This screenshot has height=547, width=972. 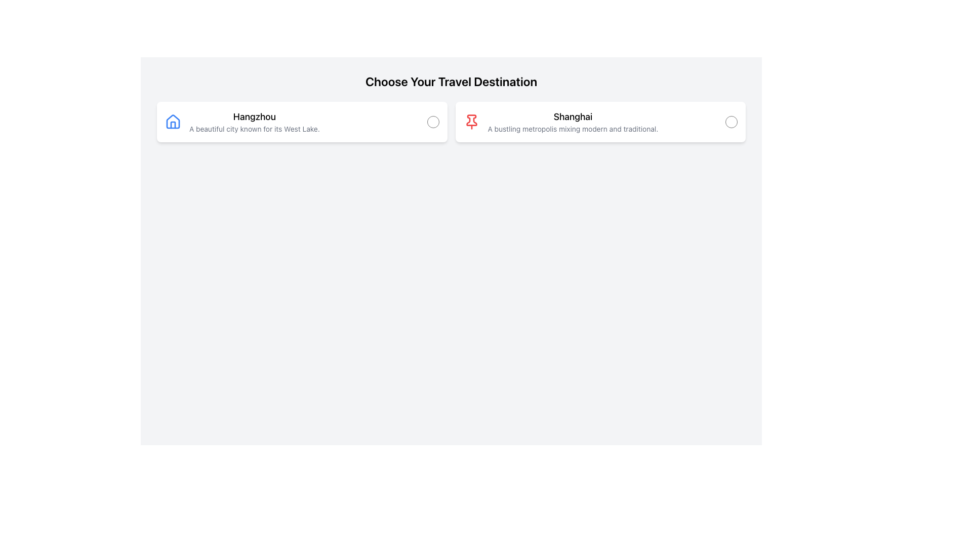 What do you see at coordinates (241, 121) in the screenshot?
I see `the first selectable item in the list, which features a blue house icon and the title 'Hangzhou' with a description below it` at bounding box center [241, 121].